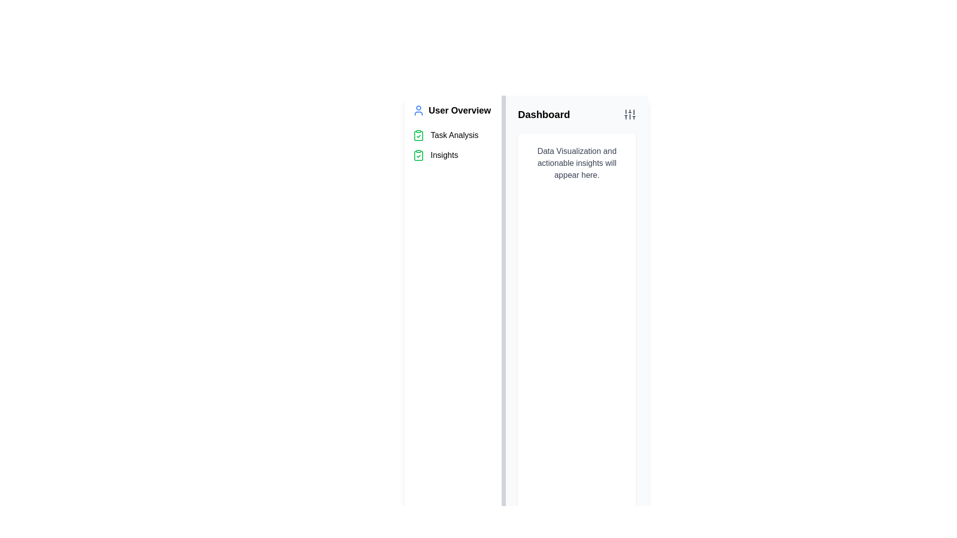  Describe the element at coordinates (453, 135) in the screenshot. I see `the 'Task Analysis' list item` at that location.